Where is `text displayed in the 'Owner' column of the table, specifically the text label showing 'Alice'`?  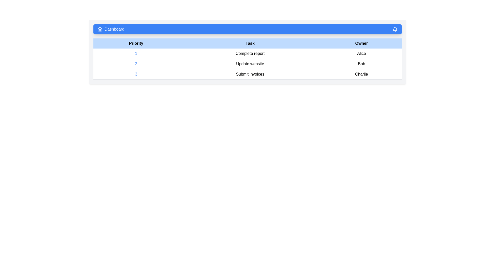 text displayed in the 'Owner' column of the table, specifically the text label showing 'Alice' is located at coordinates (361, 54).